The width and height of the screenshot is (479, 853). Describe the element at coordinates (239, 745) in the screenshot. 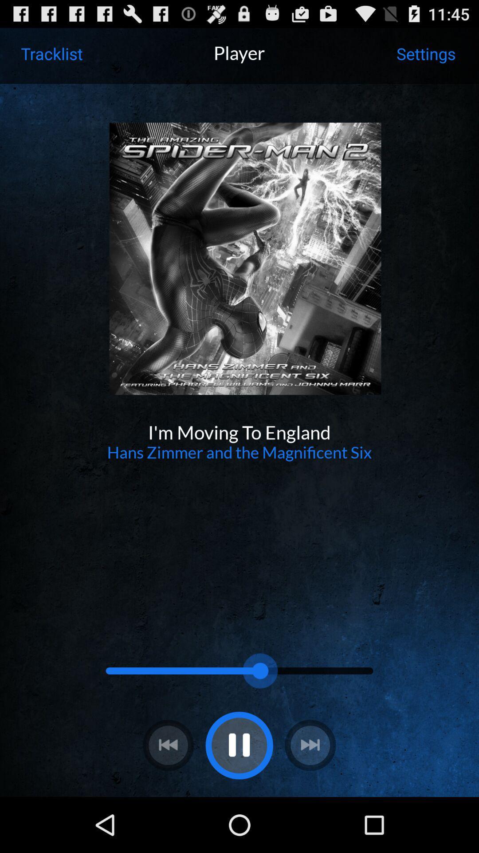

I see `pause` at that location.